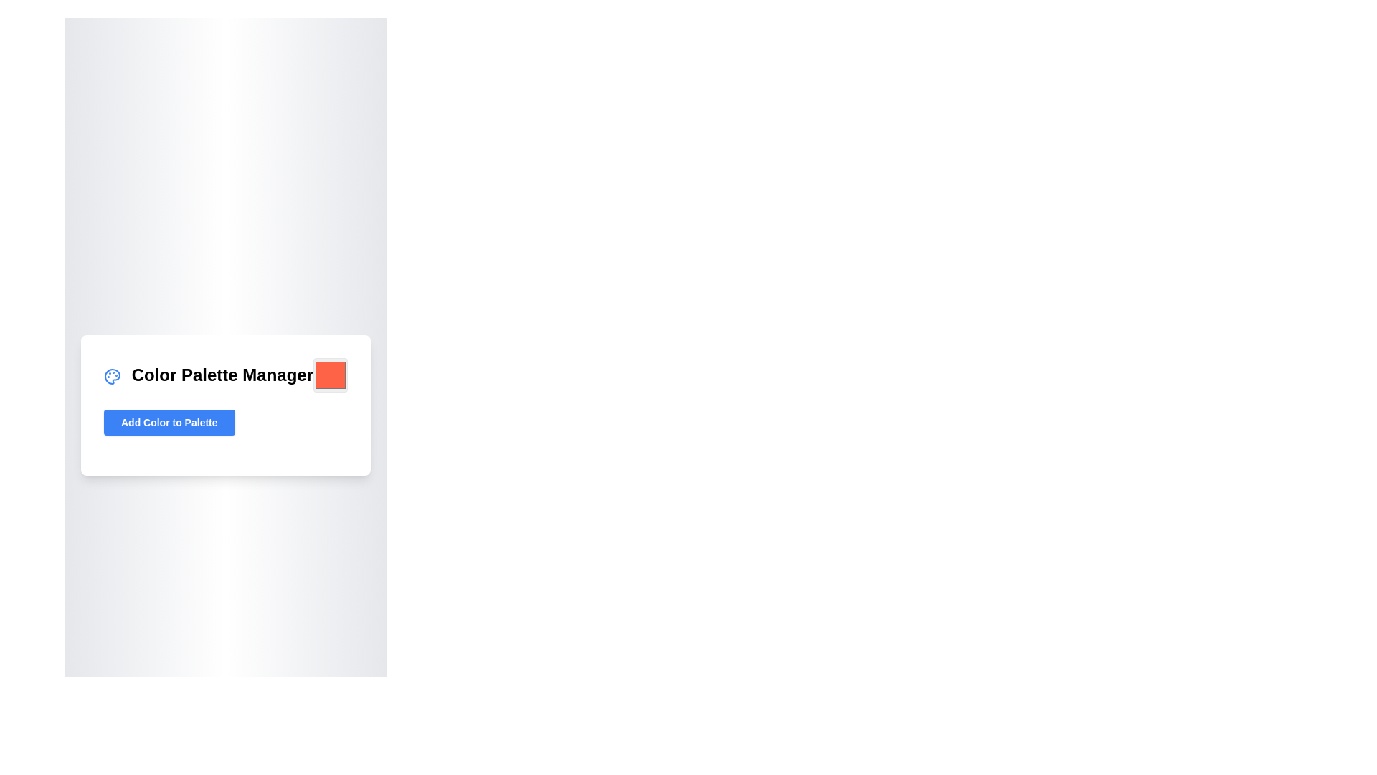 The image size is (1377, 775). What do you see at coordinates (112, 375) in the screenshot?
I see `the SVG graphic icon resembling a palette, styled with a blue tint, located at the top-left corner of the 'Color Palette Manager' card` at bounding box center [112, 375].